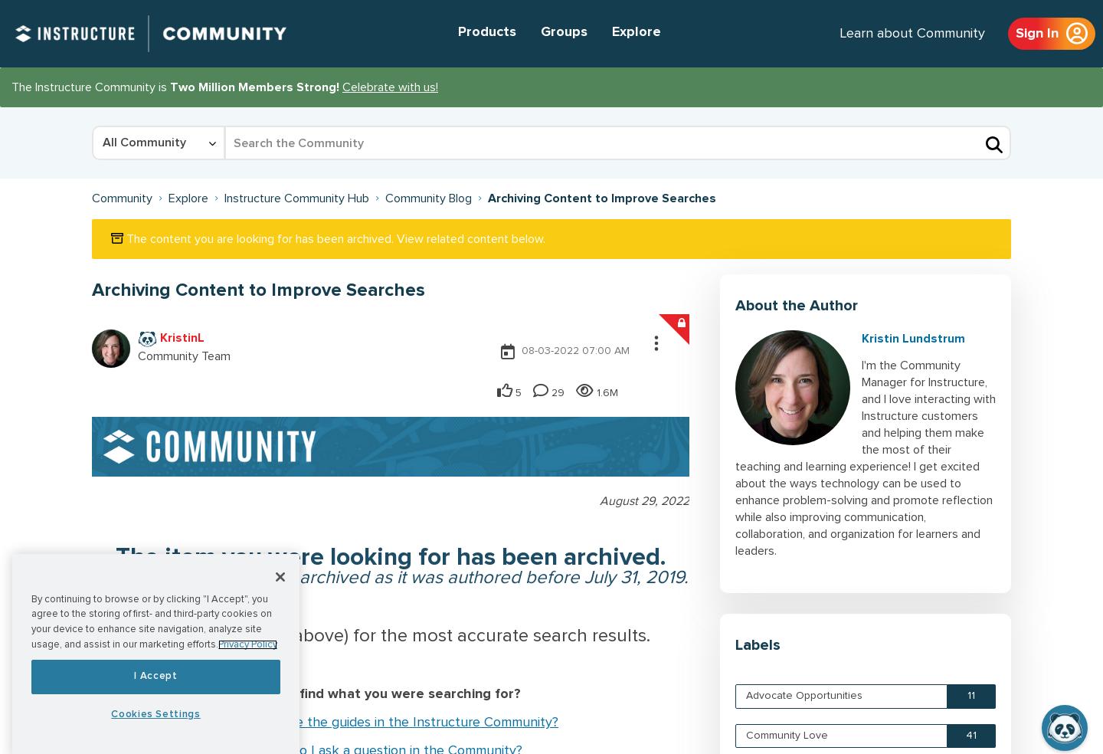  I want to click on 'How do I use the guides in the Instructure Community?', so click(390, 722).